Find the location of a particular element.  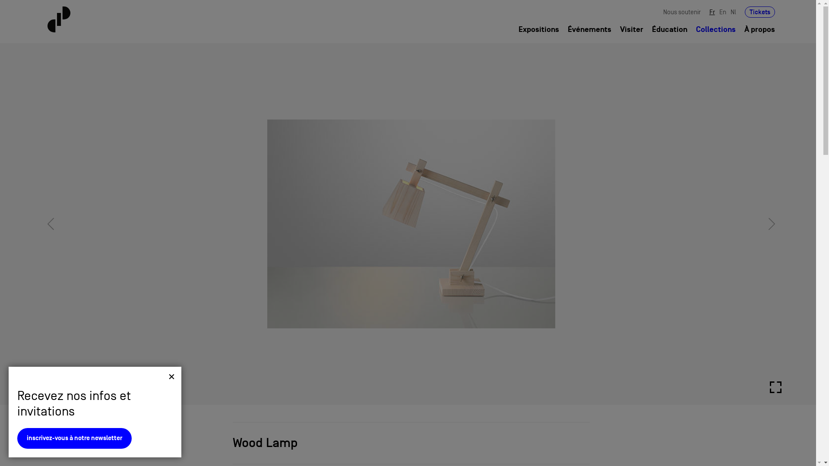

'Fr' is located at coordinates (712, 12).